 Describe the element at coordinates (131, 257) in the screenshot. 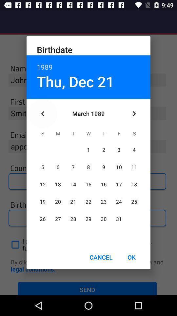

I see `the icon to the right of cancel` at that location.